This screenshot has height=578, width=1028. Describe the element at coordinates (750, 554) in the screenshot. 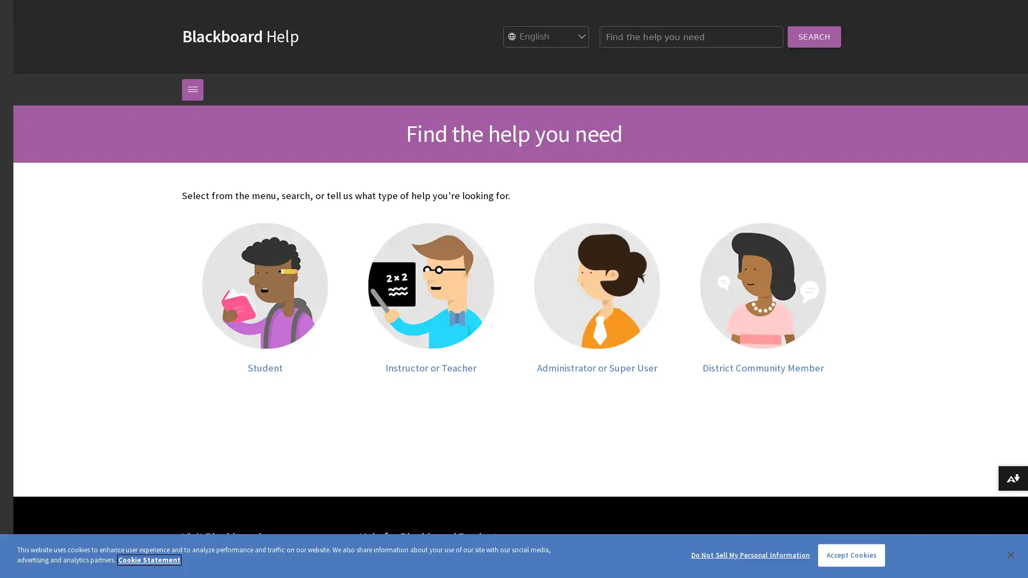

I see `Do Not Sell My Personal Information` at that location.